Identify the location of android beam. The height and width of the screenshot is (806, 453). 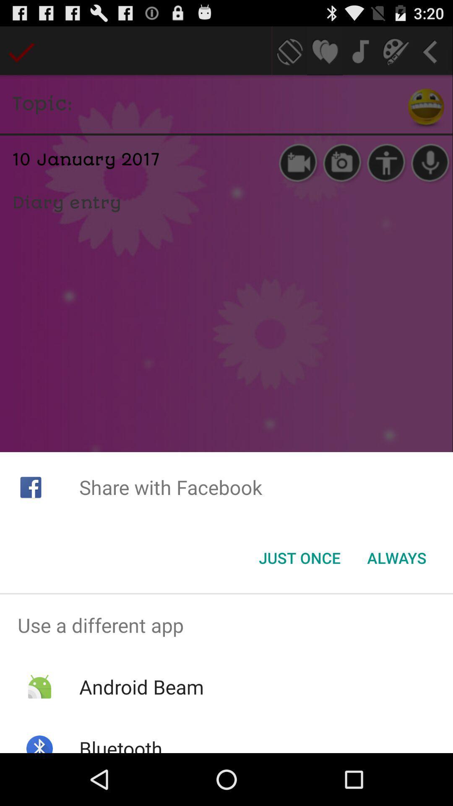
(141, 687).